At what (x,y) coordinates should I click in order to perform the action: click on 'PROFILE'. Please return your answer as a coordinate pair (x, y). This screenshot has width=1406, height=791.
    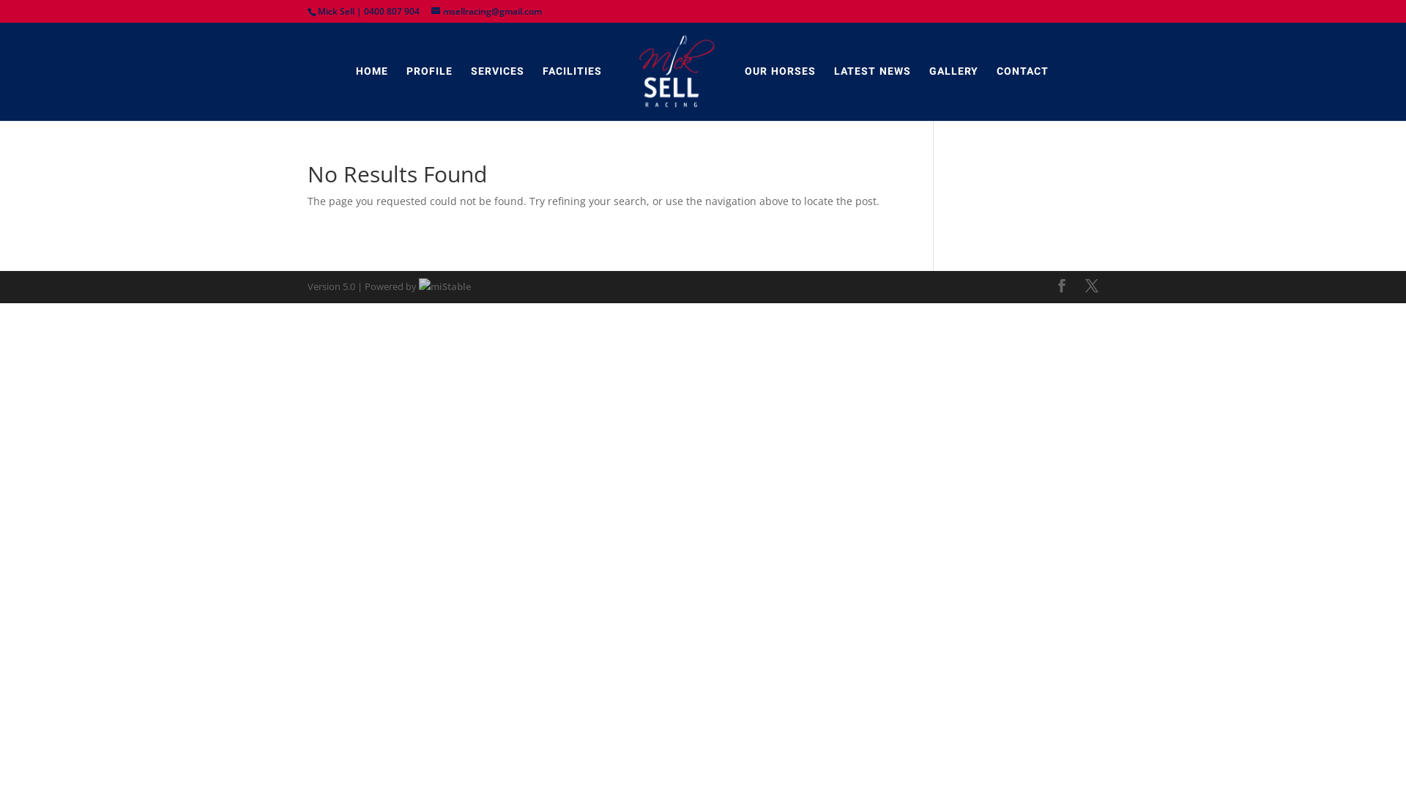
    Looking at the image, I should click on (428, 71).